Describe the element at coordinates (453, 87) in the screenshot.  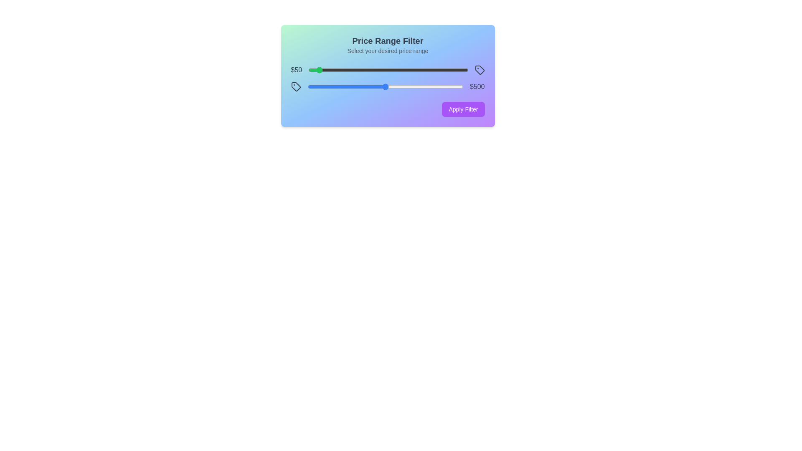
I see `the maximum price slider to 938` at that location.